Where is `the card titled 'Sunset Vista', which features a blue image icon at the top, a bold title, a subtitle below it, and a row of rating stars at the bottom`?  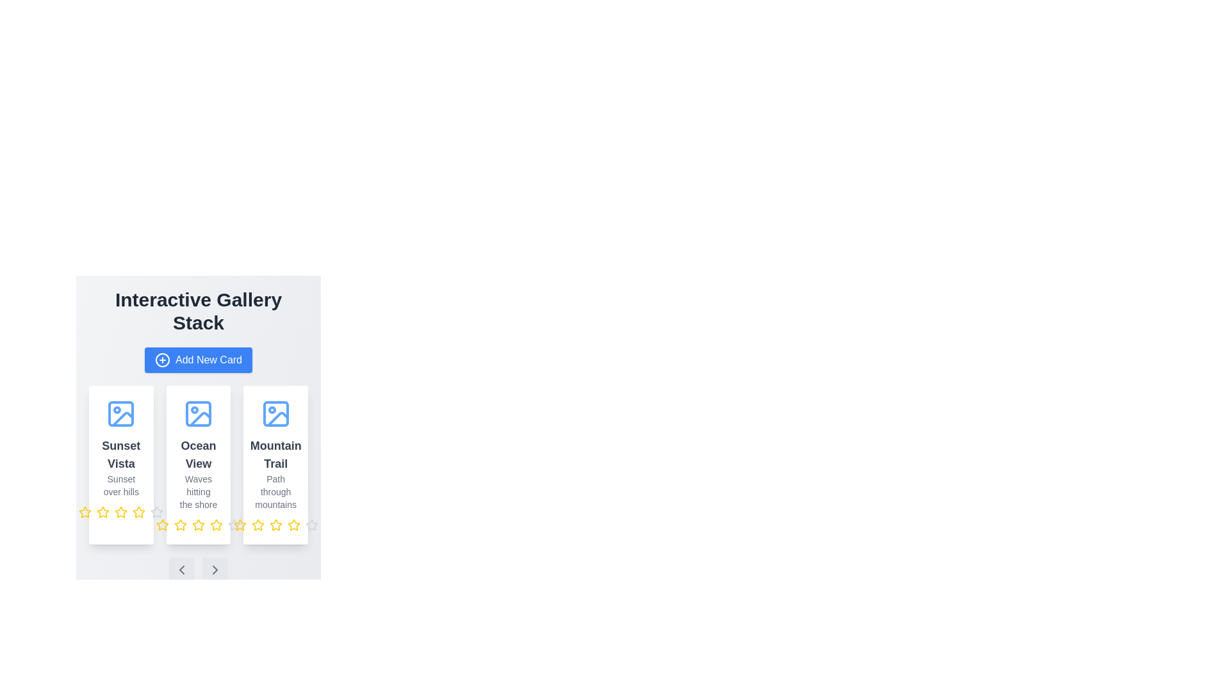
the card titled 'Sunset Vista', which features a blue image icon at the top, a bold title, a subtitle below it, and a row of rating stars at the bottom is located at coordinates (121, 465).